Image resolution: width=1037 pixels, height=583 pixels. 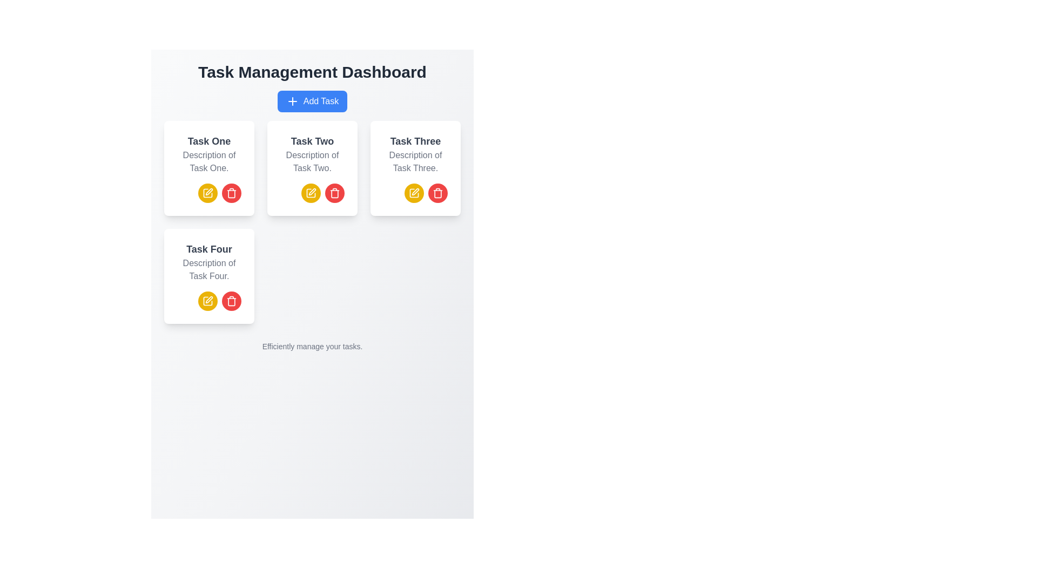 What do you see at coordinates (414, 193) in the screenshot?
I see `the edit button for 'Task Three'` at bounding box center [414, 193].